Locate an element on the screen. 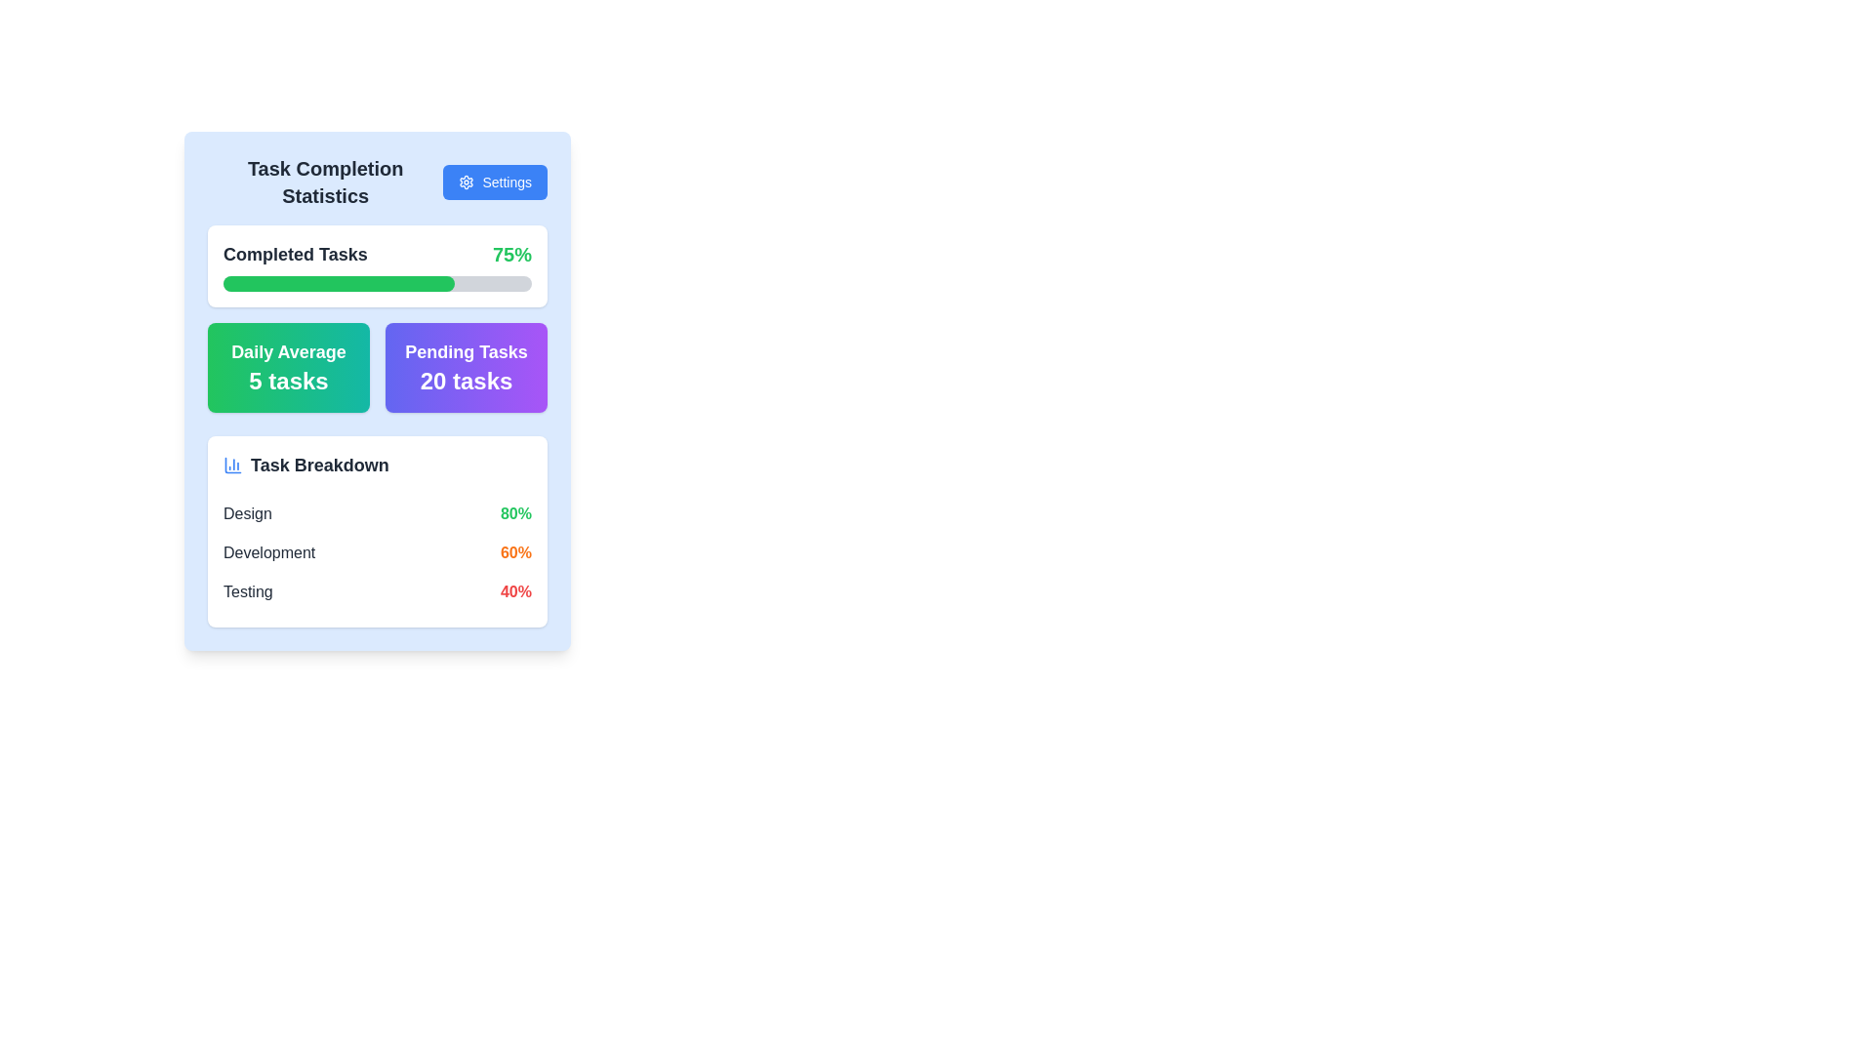 This screenshot has width=1874, height=1054. number of tasks displayed in the bold, large-sized text that reads '20 tasks,' which is styled with white font against a purple gradient background within the 'Pending Tasks' section is located at coordinates (466, 381).